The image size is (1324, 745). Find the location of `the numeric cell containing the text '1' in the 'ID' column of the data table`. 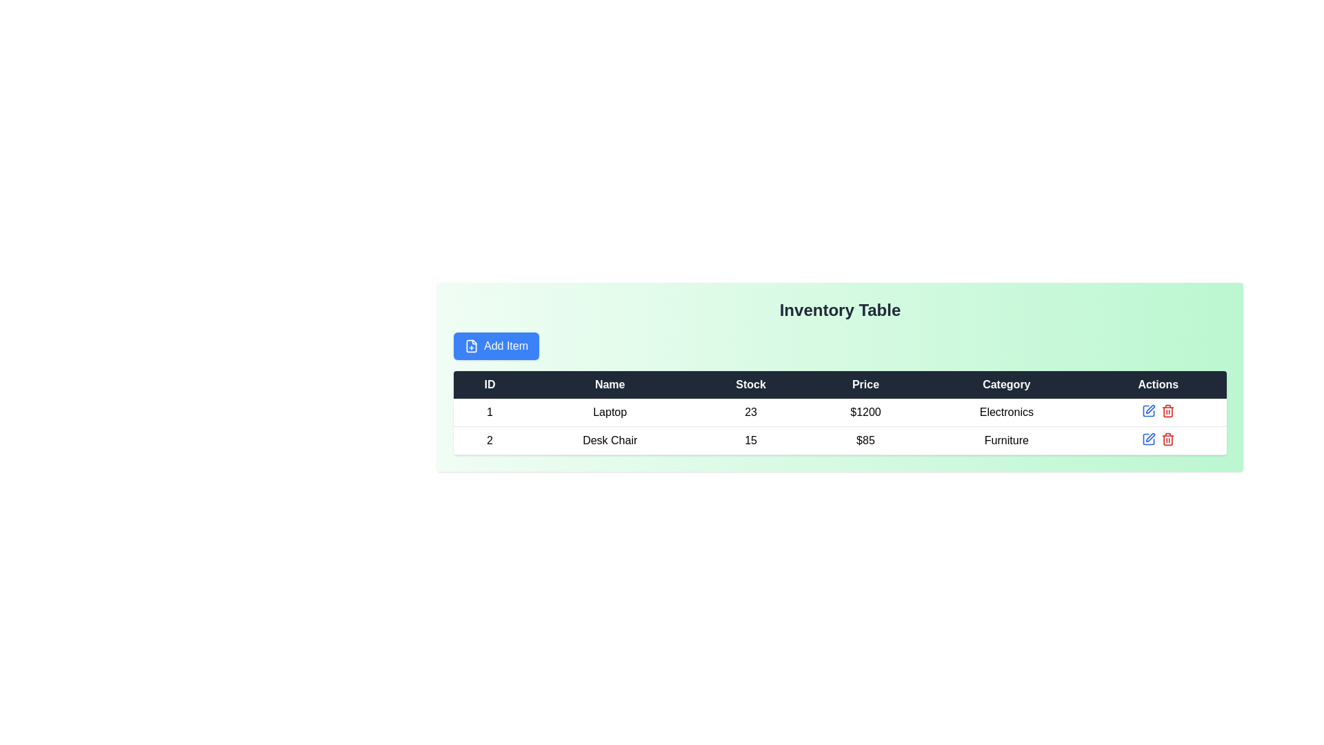

the numeric cell containing the text '1' in the 'ID' column of the data table is located at coordinates (490, 412).